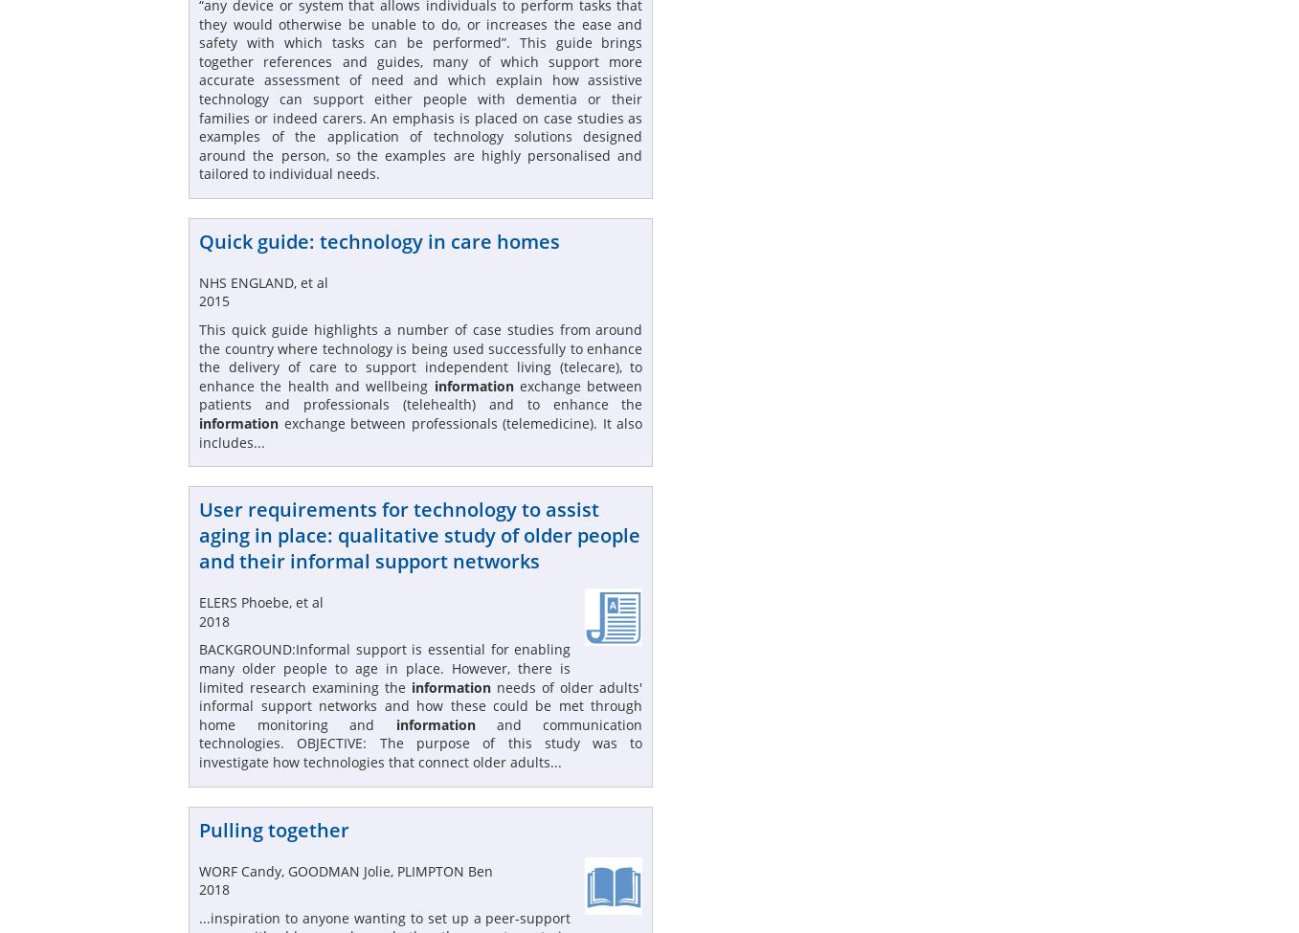  Describe the element at coordinates (263, 280) in the screenshot. I see `'NHS ENGLAND, et al'` at that location.